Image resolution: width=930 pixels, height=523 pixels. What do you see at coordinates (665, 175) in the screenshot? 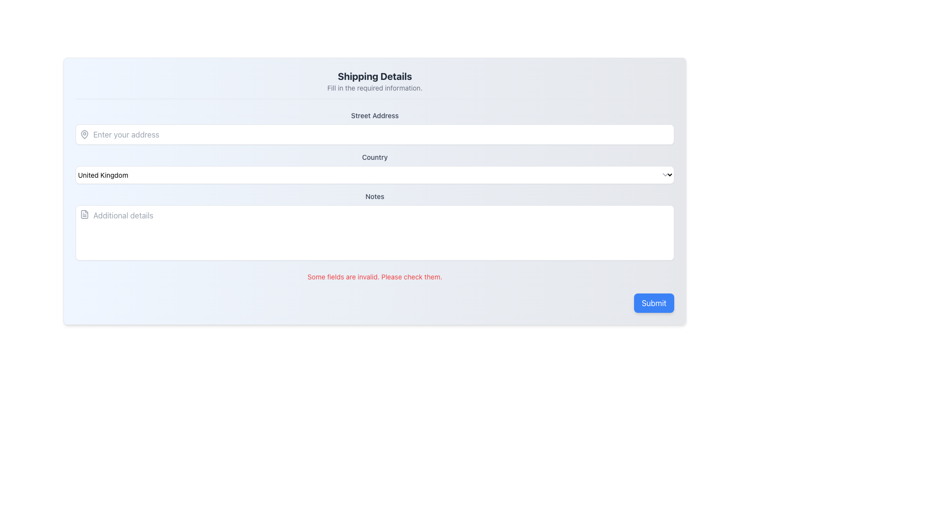
I see `the chevron icon indicating the dropdown menu in the 'Country' field to observe any style changes` at bounding box center [665, 175].